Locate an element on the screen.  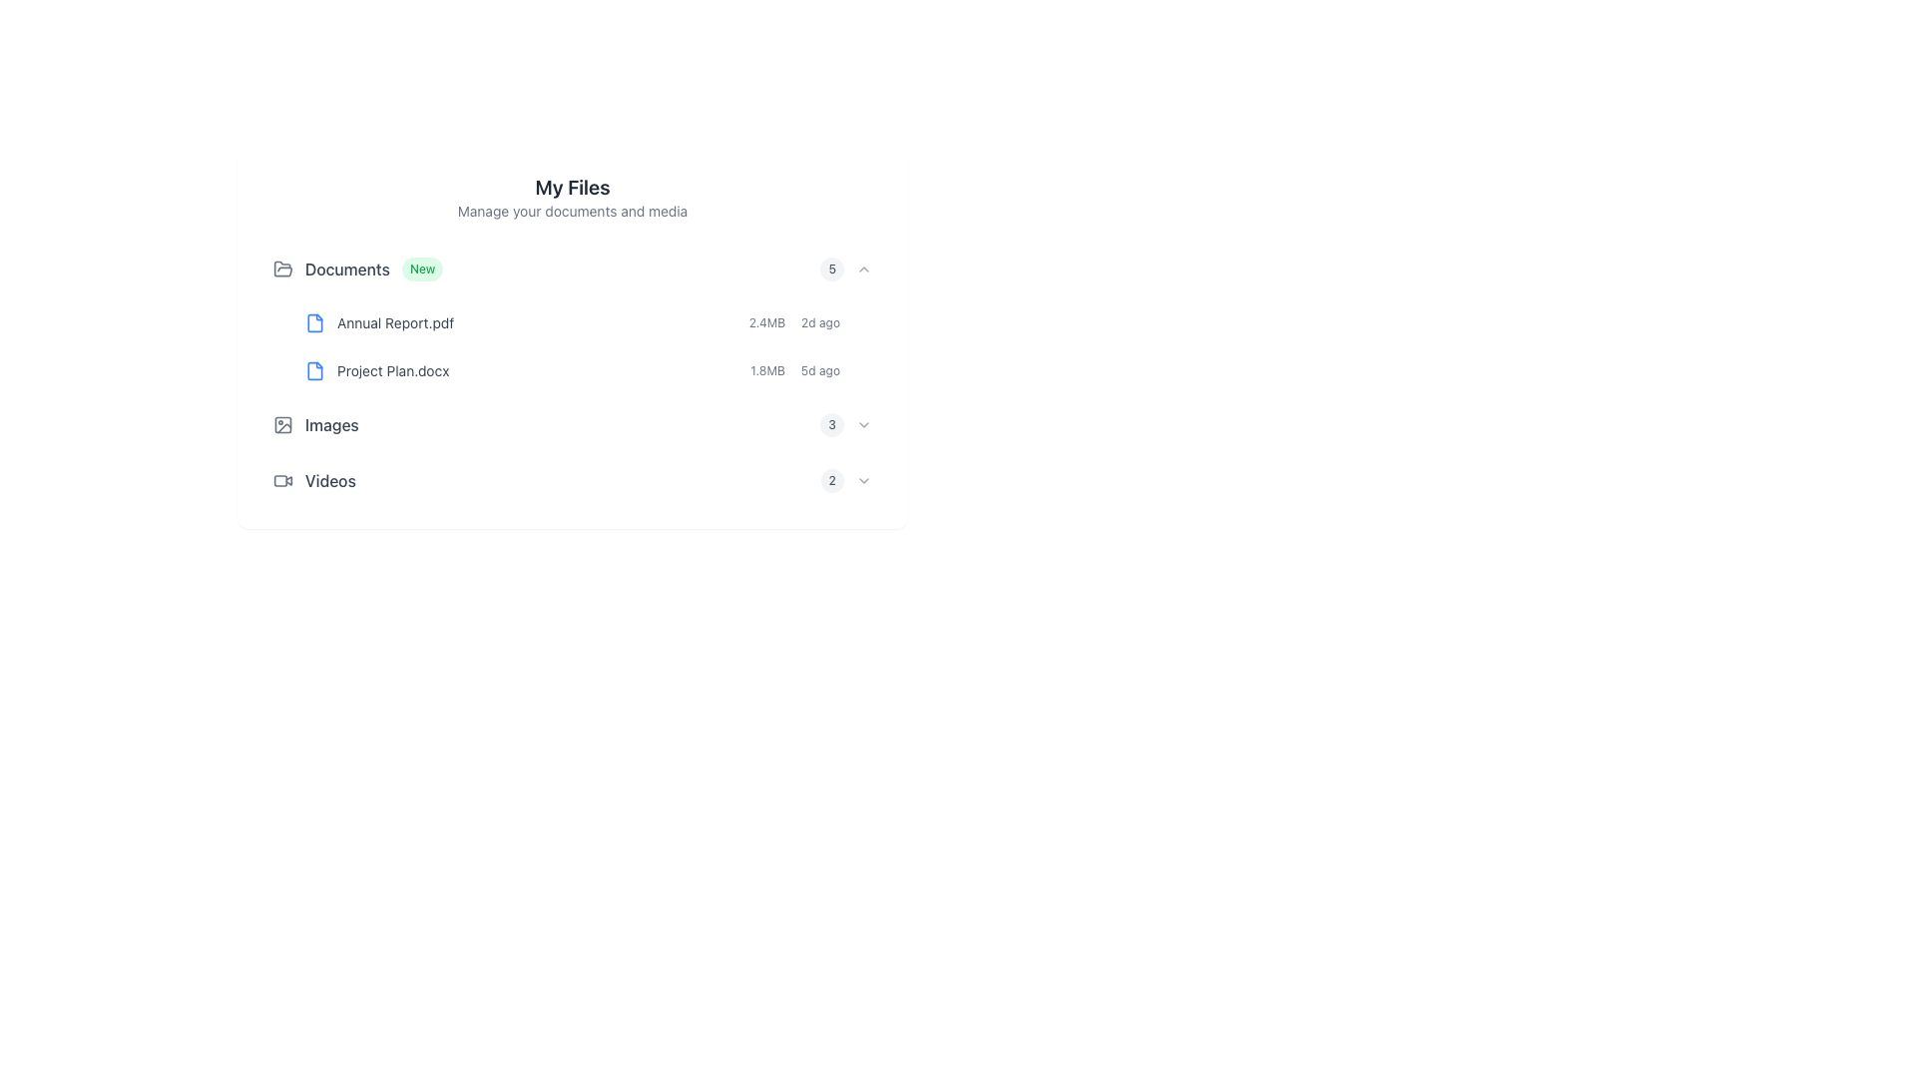
the number displayed on the Badge with dropdown toggle, which indicates the count of items in the 'Images' section, located to the right of the 'Images' section title is located at coordinates (846, 423).